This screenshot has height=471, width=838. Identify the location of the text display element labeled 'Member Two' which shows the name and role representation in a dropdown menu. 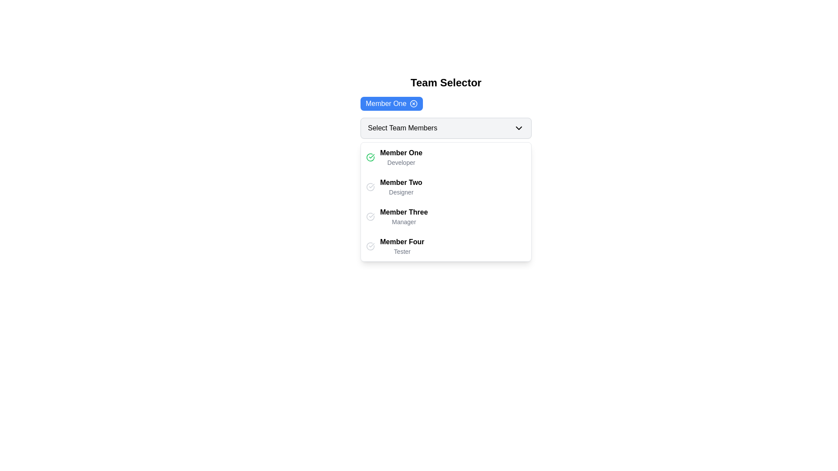
(401, 186).